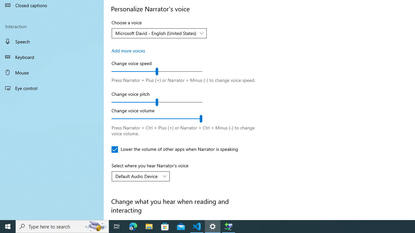  Describe the element at coordinates (196, 226) in the screenshot. I see `'Visual Studio Code - 1 running window'` at that location.